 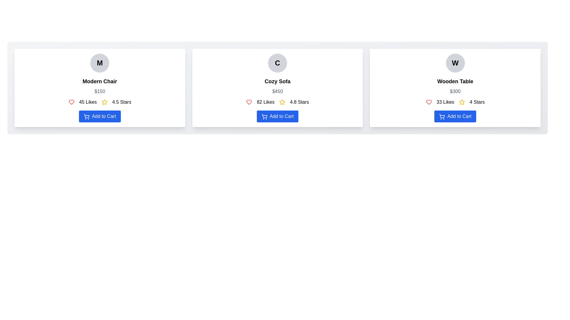 What do you see at coordinates (442, 116) in the screenshot?
I see `the shopping cart icon located to the left of the 'Add to Cart' button in the third card labeled 'Wooden Table'` at bounding box center [442, 116].